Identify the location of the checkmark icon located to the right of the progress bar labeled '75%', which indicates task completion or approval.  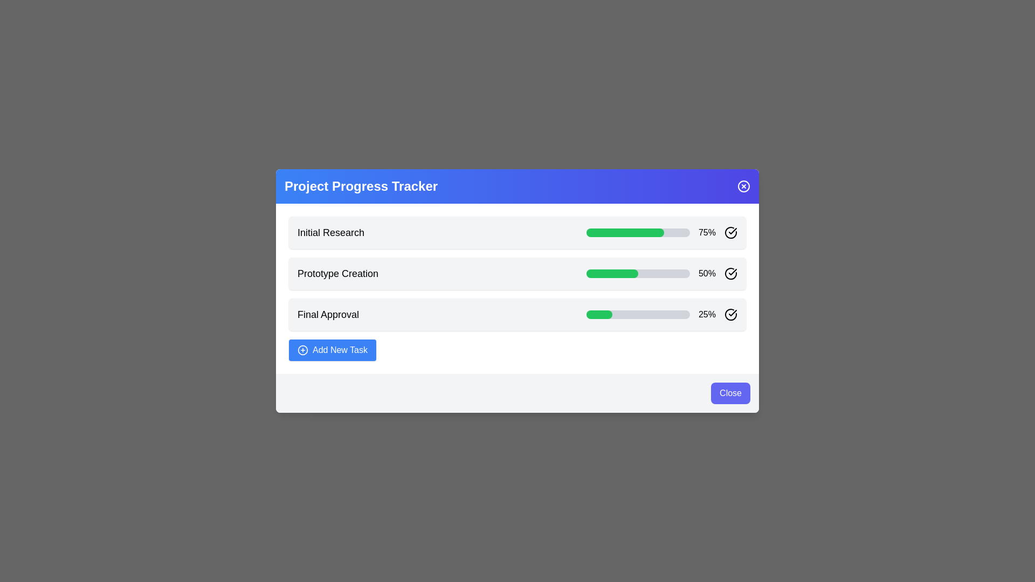
(731, 232).